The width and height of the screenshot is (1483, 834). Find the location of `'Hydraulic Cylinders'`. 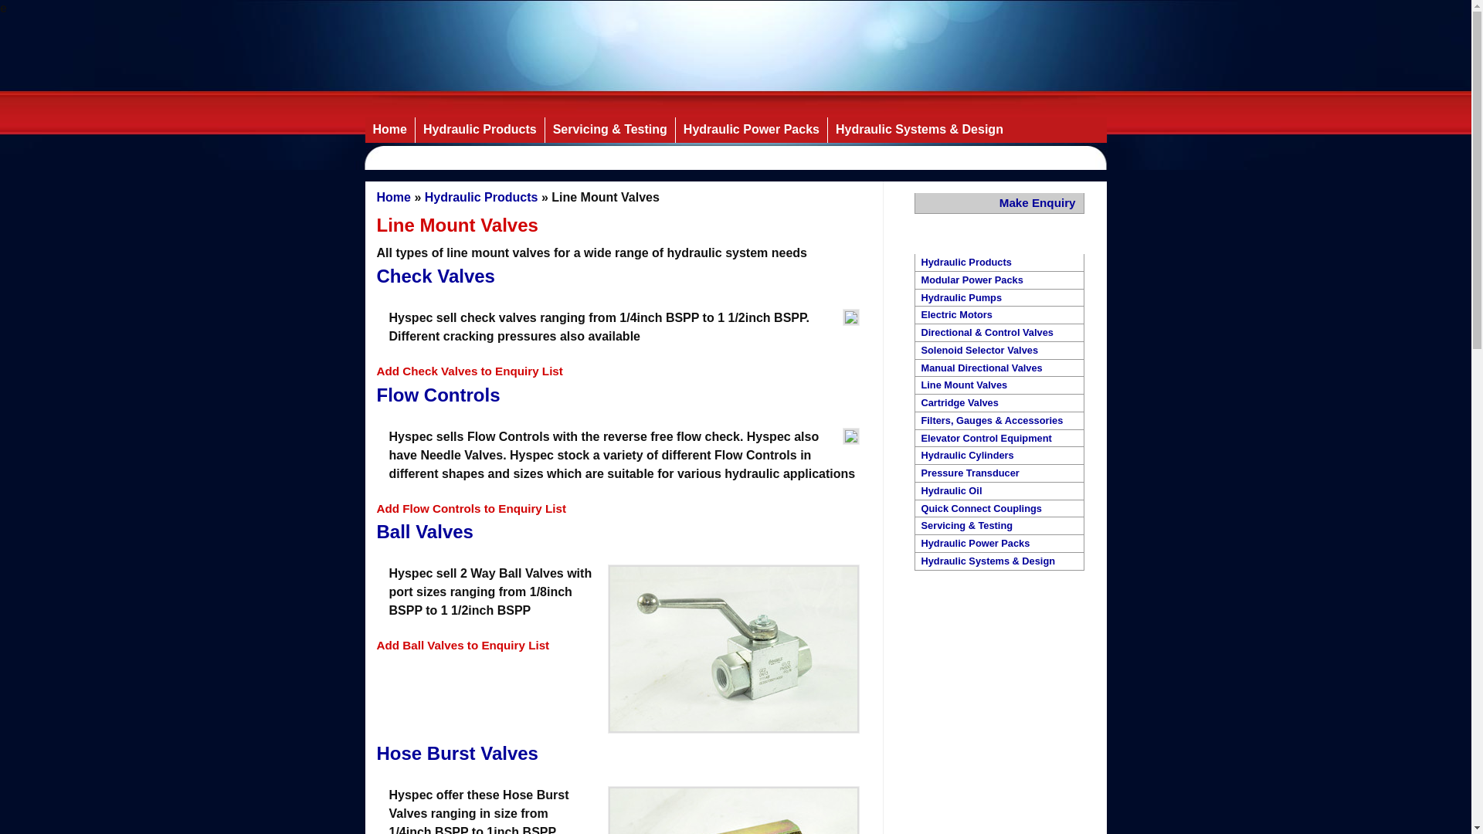

'Hydraulic Cylinders' is located at coordinates (915, 455).